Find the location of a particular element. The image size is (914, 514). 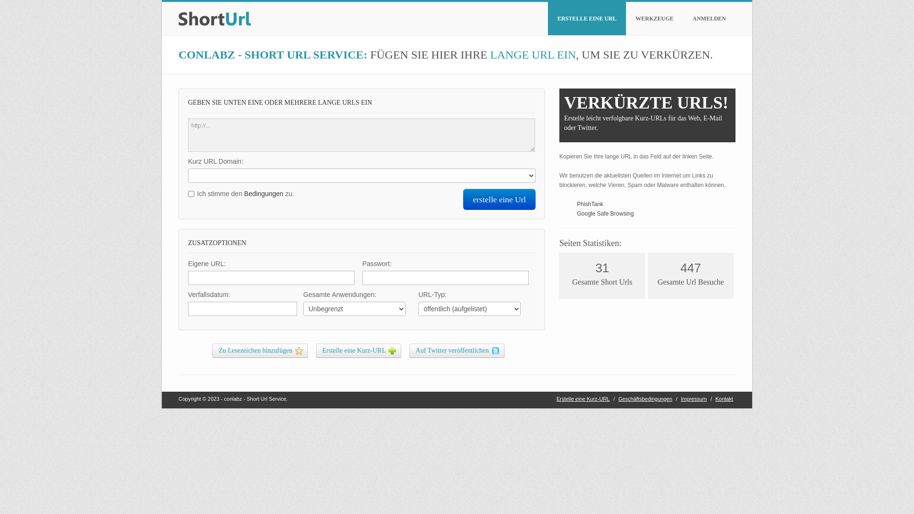

'PhishTank' is located at coordinates (589, 203).